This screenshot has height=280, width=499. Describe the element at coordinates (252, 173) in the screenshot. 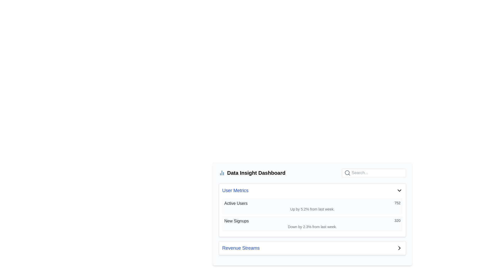

I see `text of the header label located in the upper area of the content section, towards the left, which serves as the title for the dashboard` at that location.